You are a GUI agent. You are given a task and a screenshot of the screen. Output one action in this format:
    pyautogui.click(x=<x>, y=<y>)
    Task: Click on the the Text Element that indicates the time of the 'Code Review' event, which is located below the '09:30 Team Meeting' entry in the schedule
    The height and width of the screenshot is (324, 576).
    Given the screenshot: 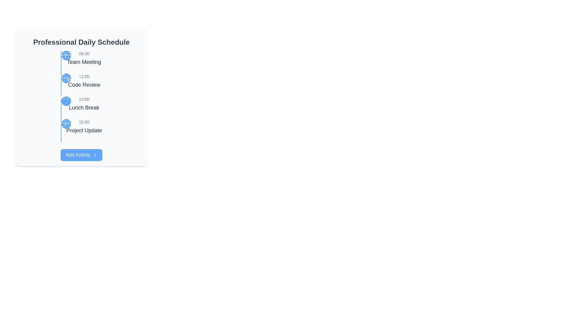 What is the action you would take?
    pyautogui.click(x=84, y=76)
    